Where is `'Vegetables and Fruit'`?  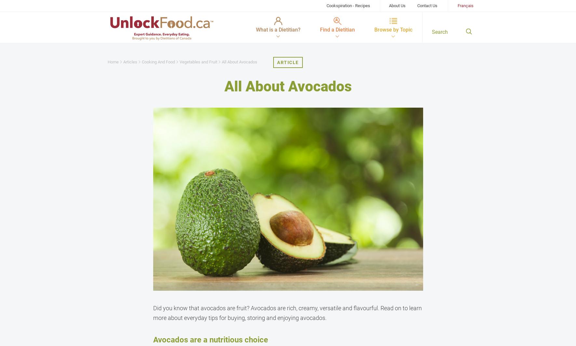 'Vegetables and Fruit' is located at coordinates (198, 62).